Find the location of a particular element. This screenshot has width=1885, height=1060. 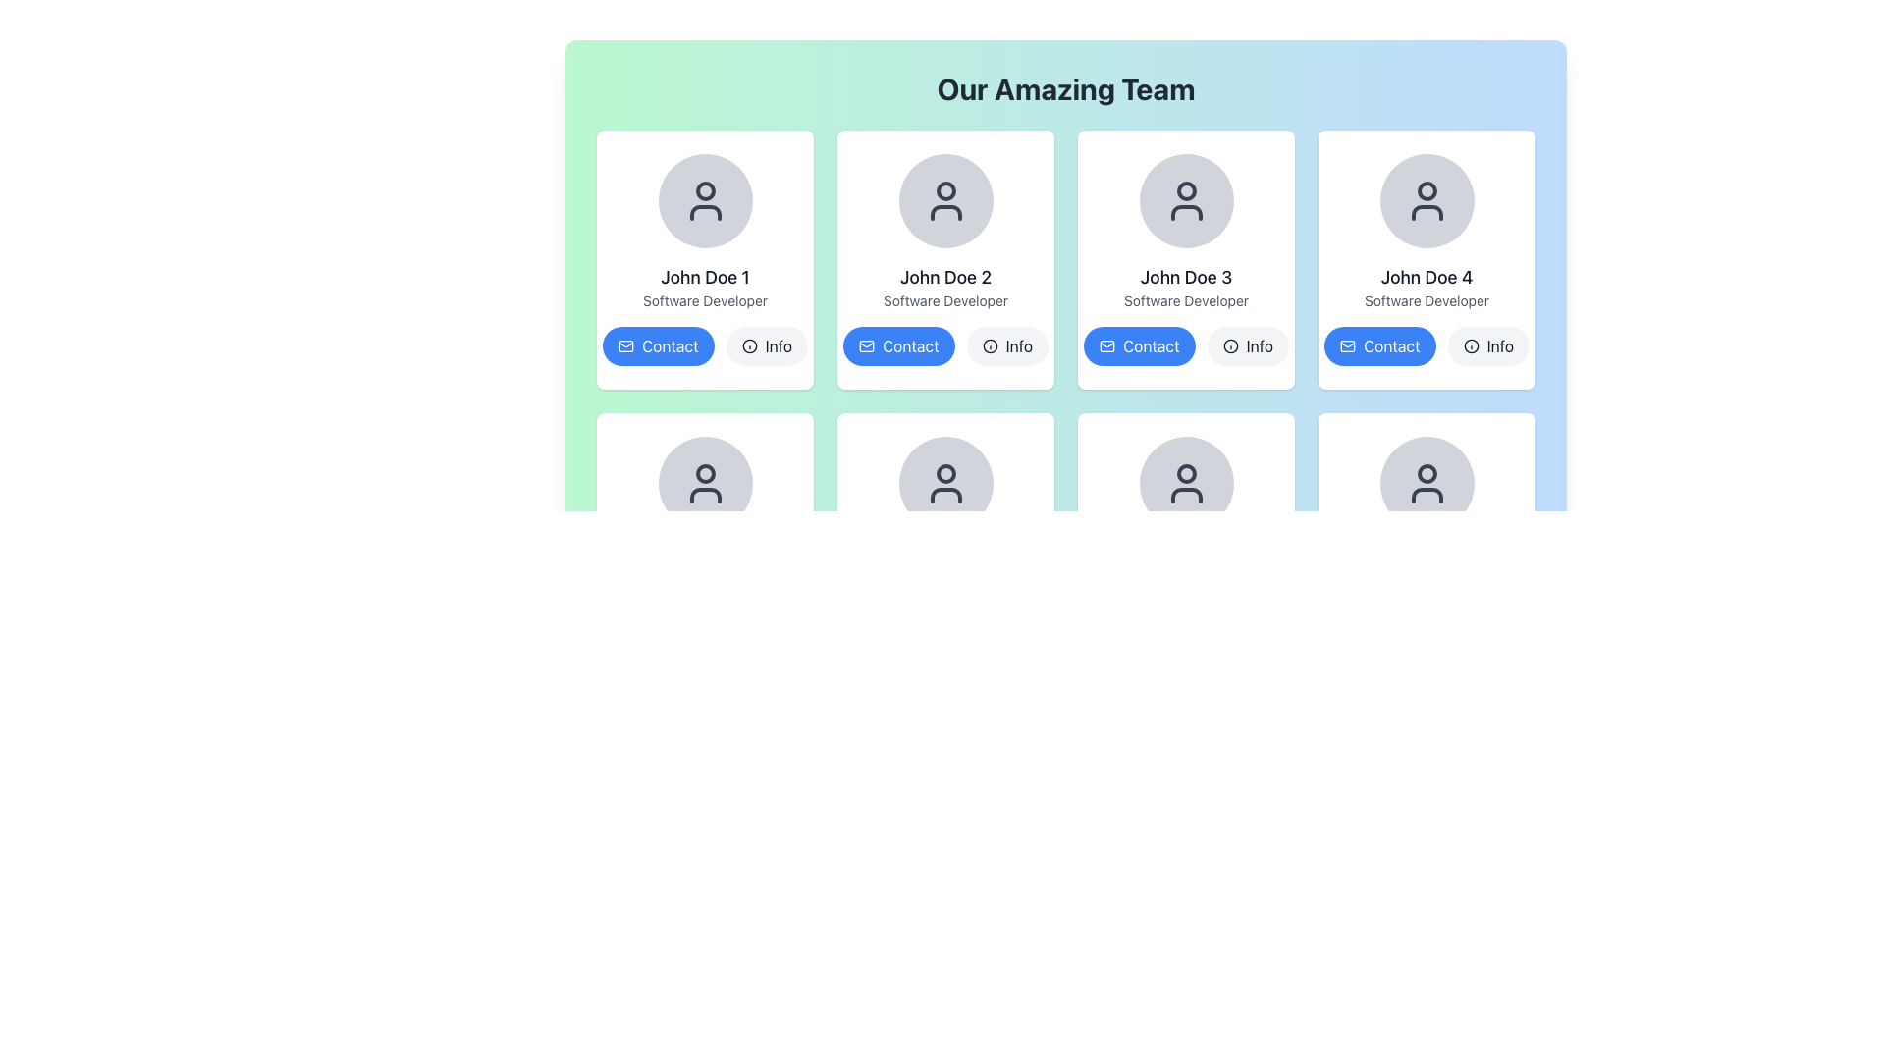

the 'mail' or 'contact' icon located to the left of the 'Contact' text beneath the 'John Doe 3' card in the third column of the top row is located at coordinates (1107, 345).